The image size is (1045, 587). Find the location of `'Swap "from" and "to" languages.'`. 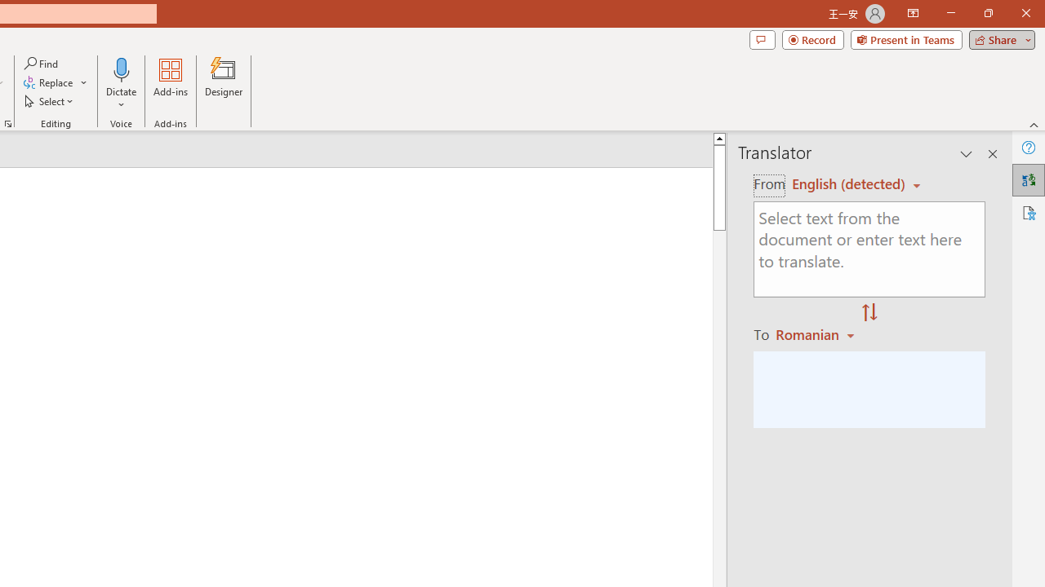

'Swap "from" and "to" languages.' is located at coordinates (869, 313).